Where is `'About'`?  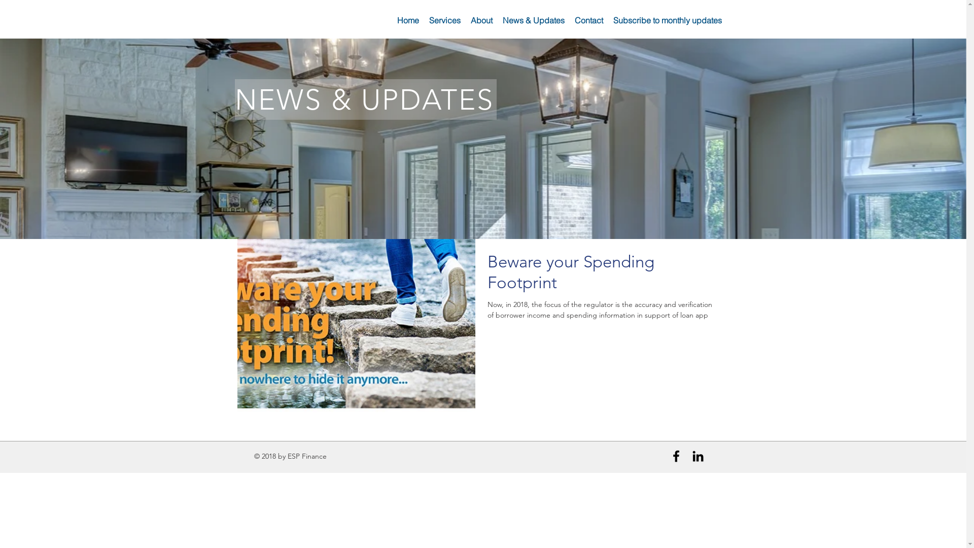
'About' is located at coordinates (481, 20).